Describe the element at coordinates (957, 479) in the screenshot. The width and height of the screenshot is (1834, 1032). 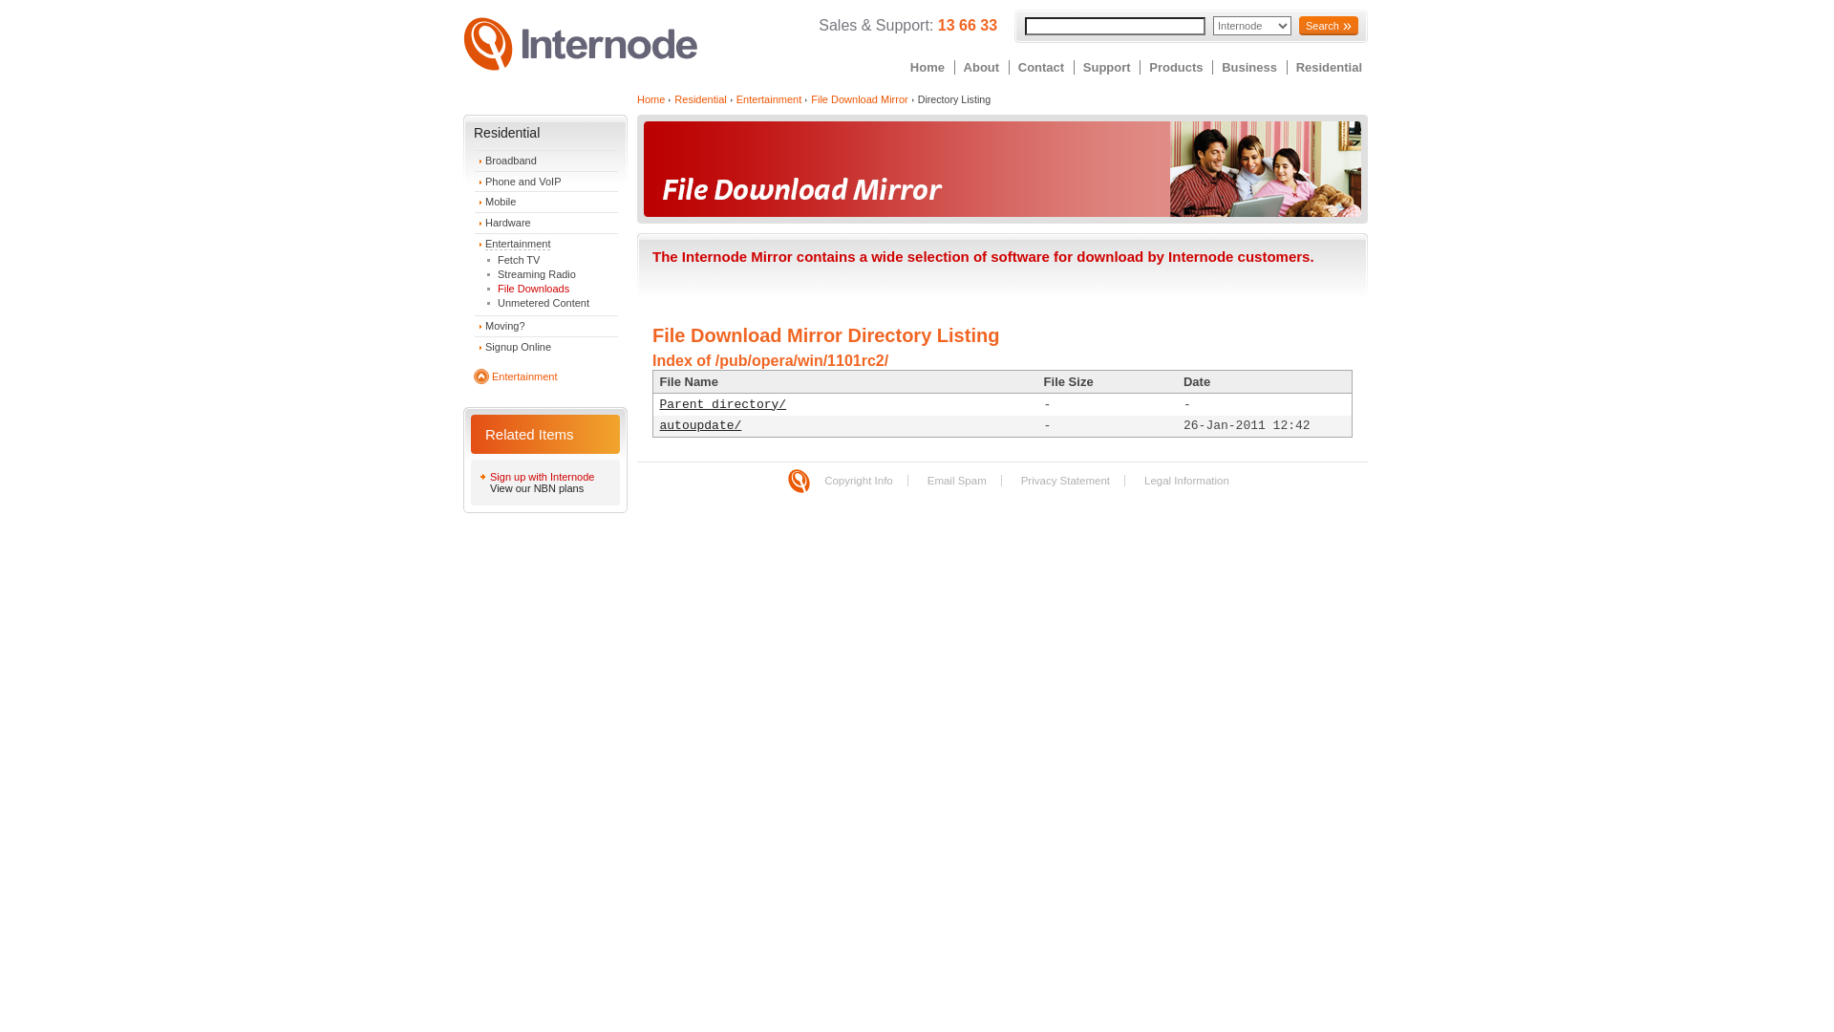
I see `'Email Spam'` at that location.